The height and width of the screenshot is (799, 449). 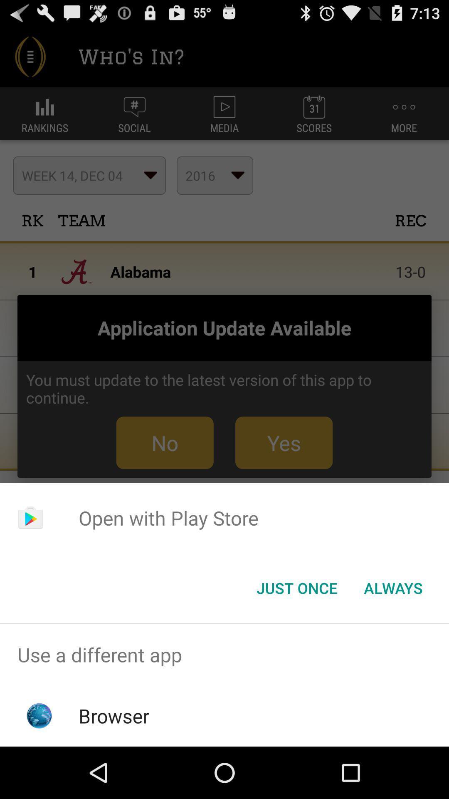 I want to click on the always item, so click(x=393, y=587).